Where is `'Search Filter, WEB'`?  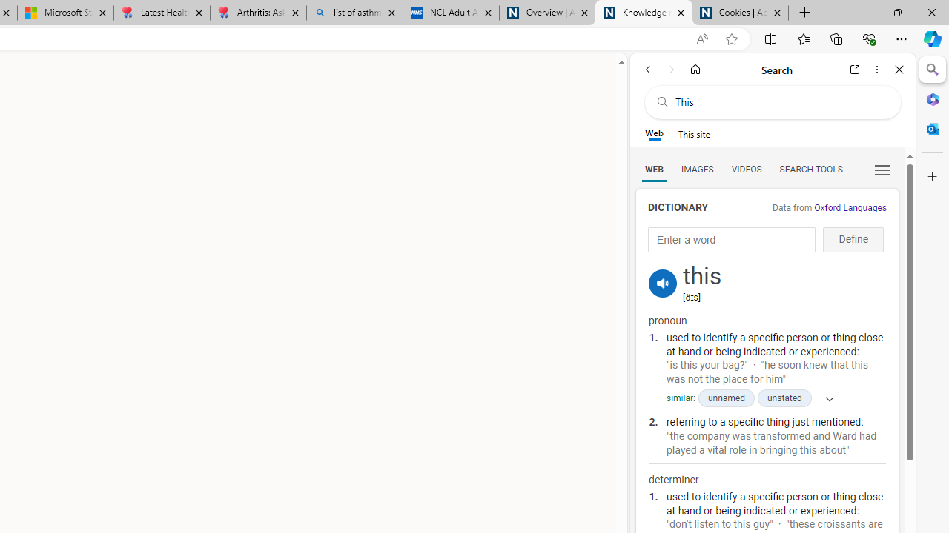 'Search Filter, WEB' is located at coordinates (653, 168).